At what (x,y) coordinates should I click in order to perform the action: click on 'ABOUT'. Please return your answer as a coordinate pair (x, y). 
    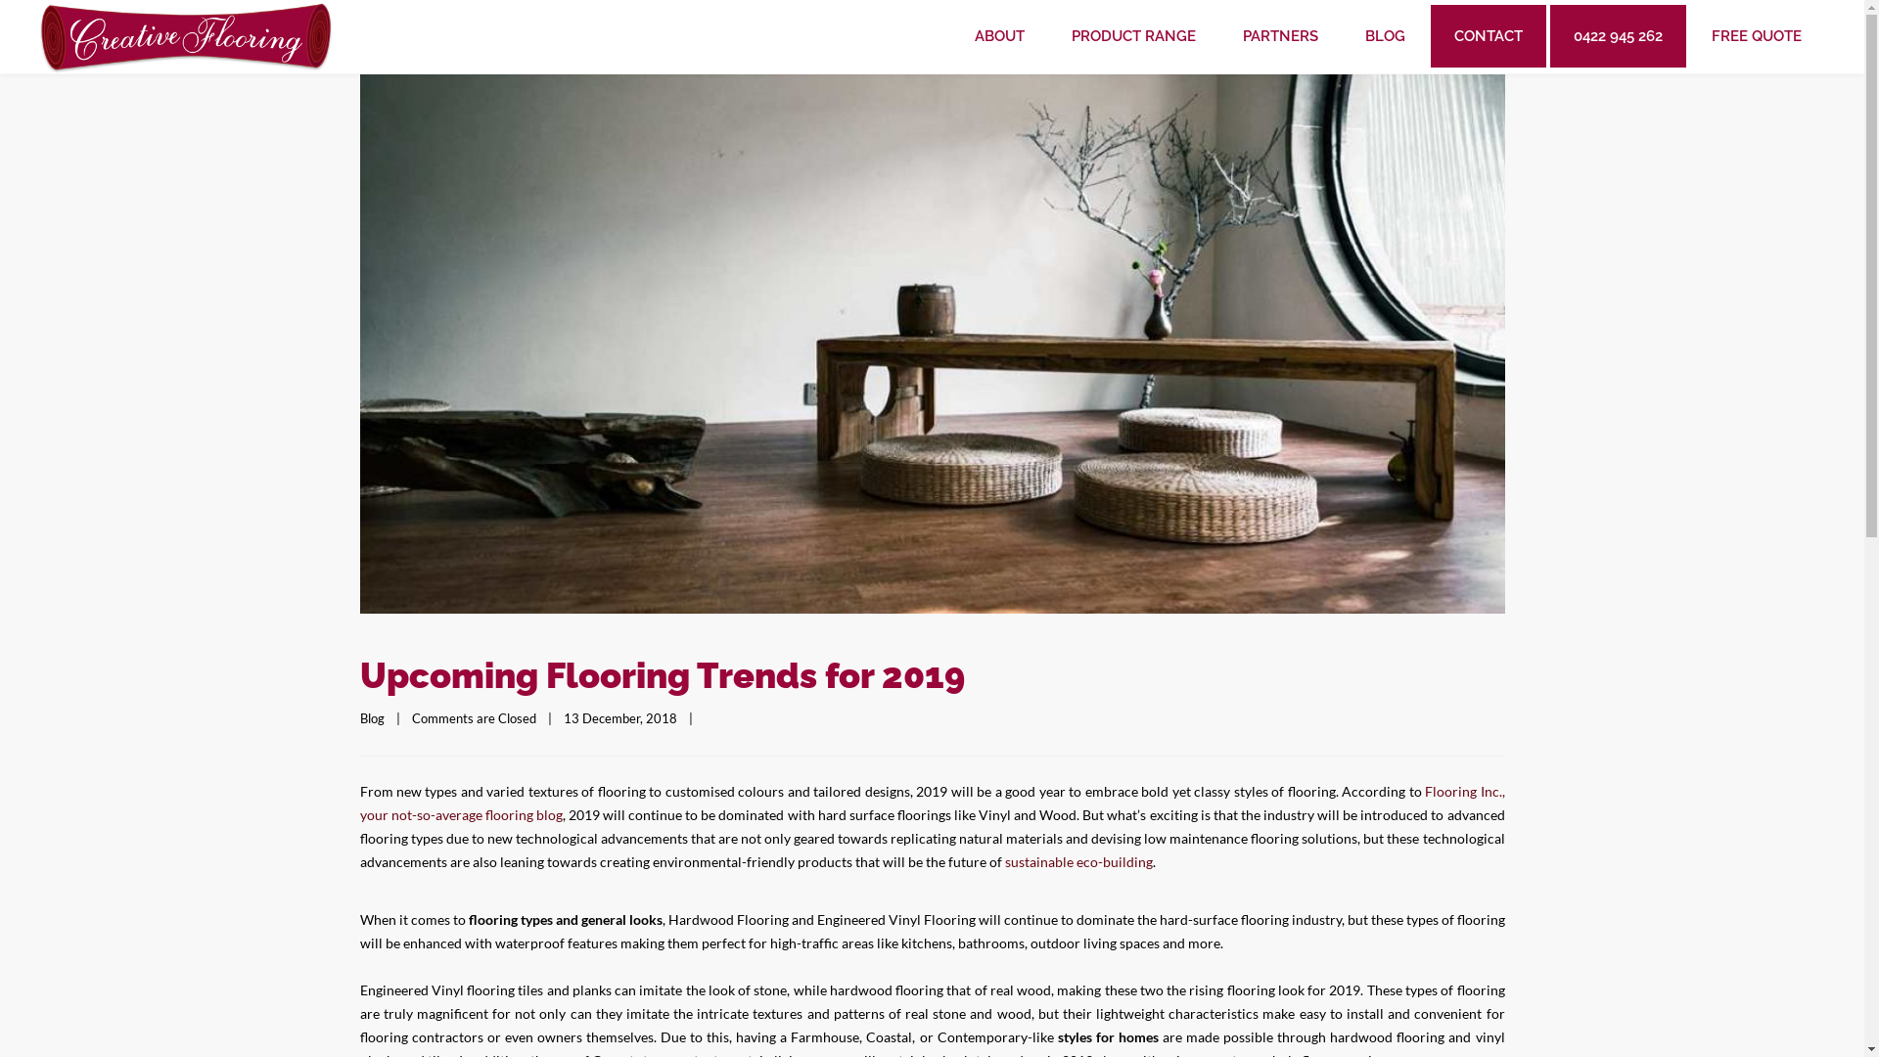
    Looking at the image, I should click on (999, 36).